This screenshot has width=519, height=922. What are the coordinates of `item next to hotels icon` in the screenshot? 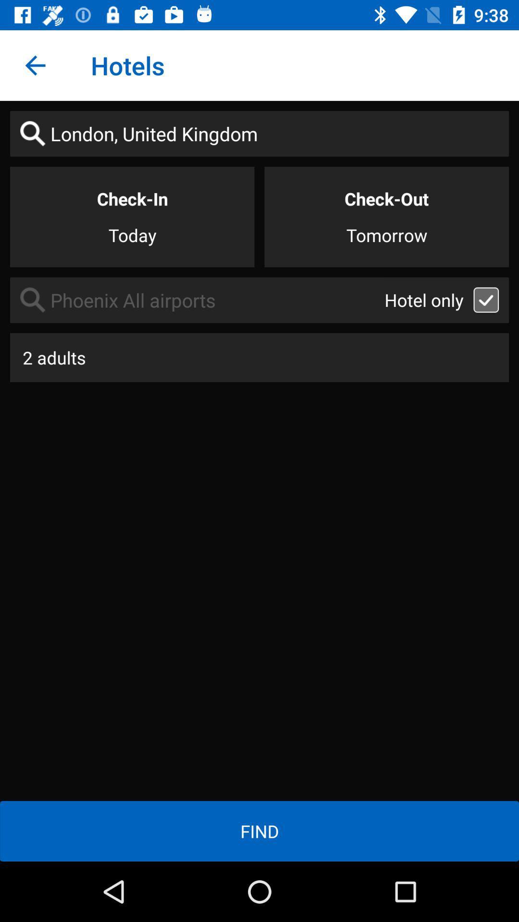 It's located at (35, 65).